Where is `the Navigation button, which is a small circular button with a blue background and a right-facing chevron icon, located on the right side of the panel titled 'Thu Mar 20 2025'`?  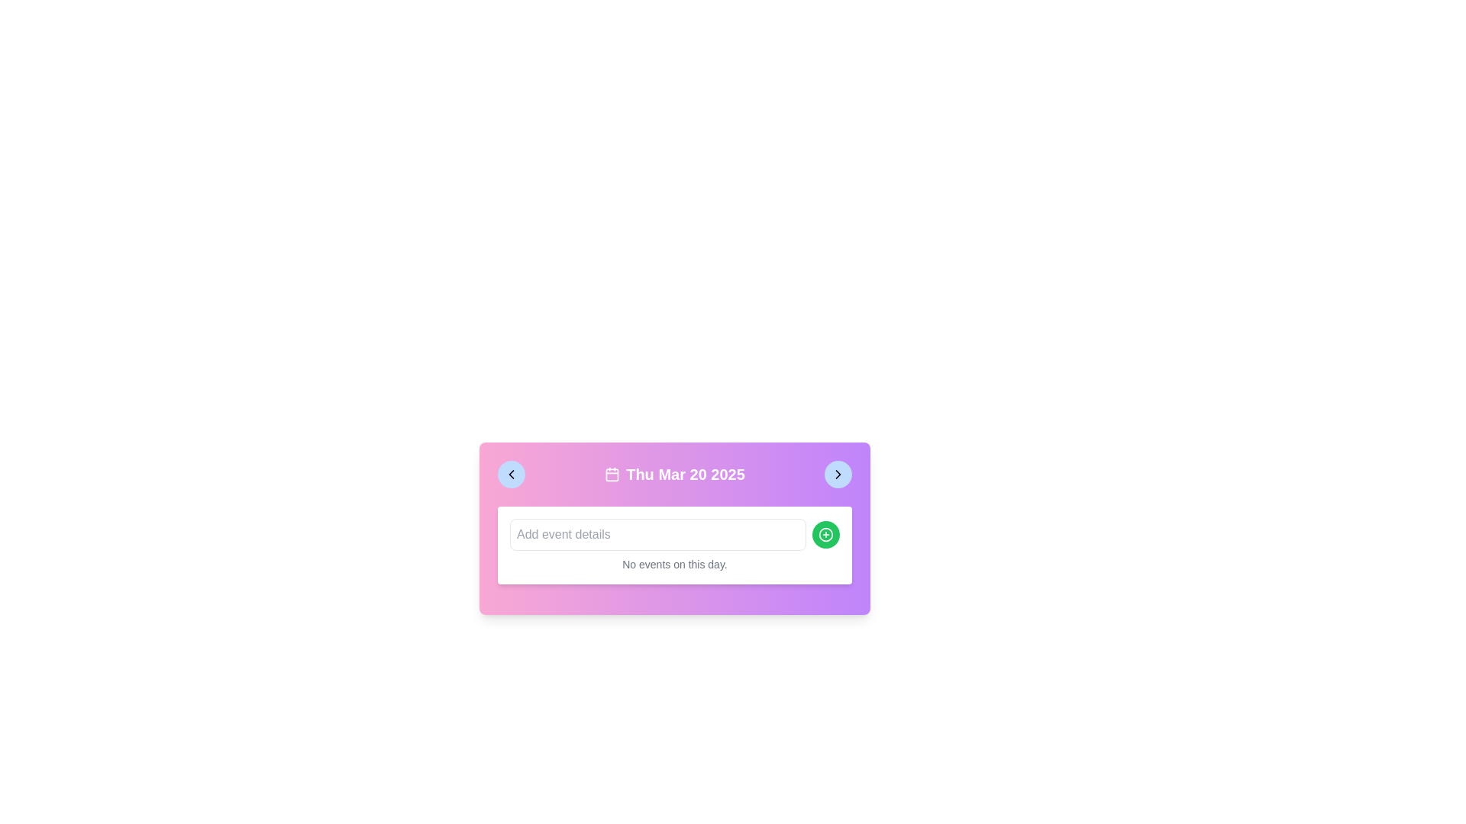
the Navigation button, which is a small circular button with a blue background and a right-facing chevron icon, located on the right side of the panel titled 'Thu Mar 20 2025' is located at coordinates (838, 473).